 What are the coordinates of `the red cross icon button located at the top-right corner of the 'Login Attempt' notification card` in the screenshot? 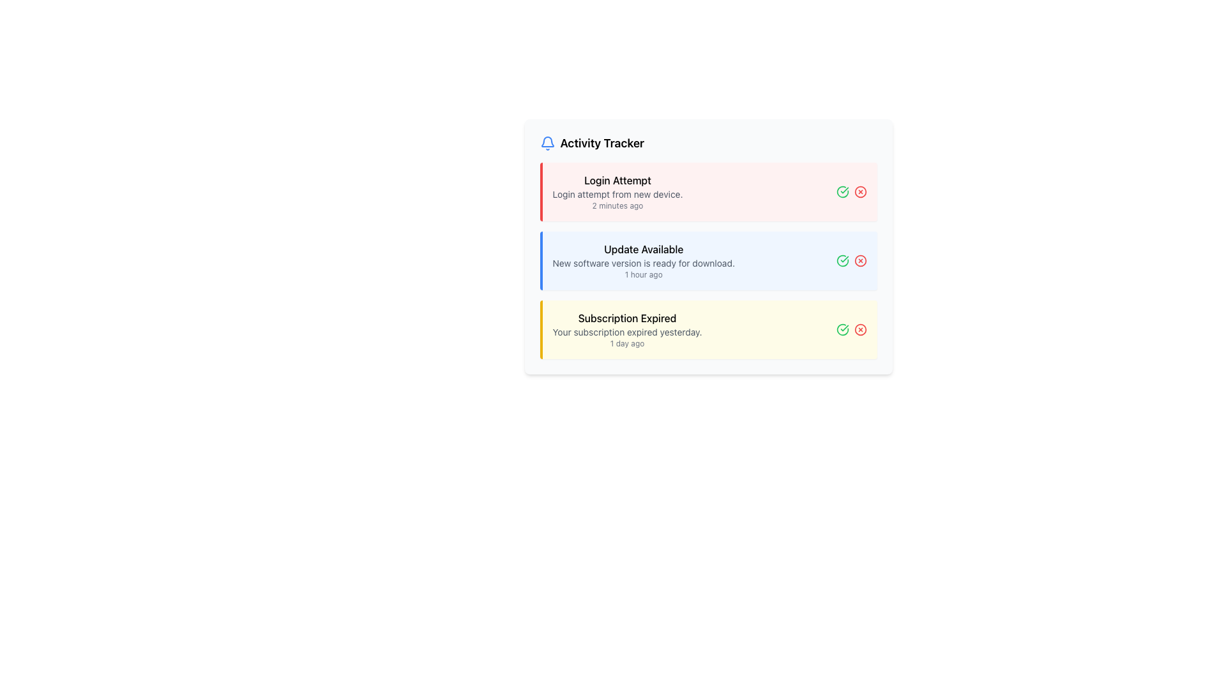 It's located at (851, 191).